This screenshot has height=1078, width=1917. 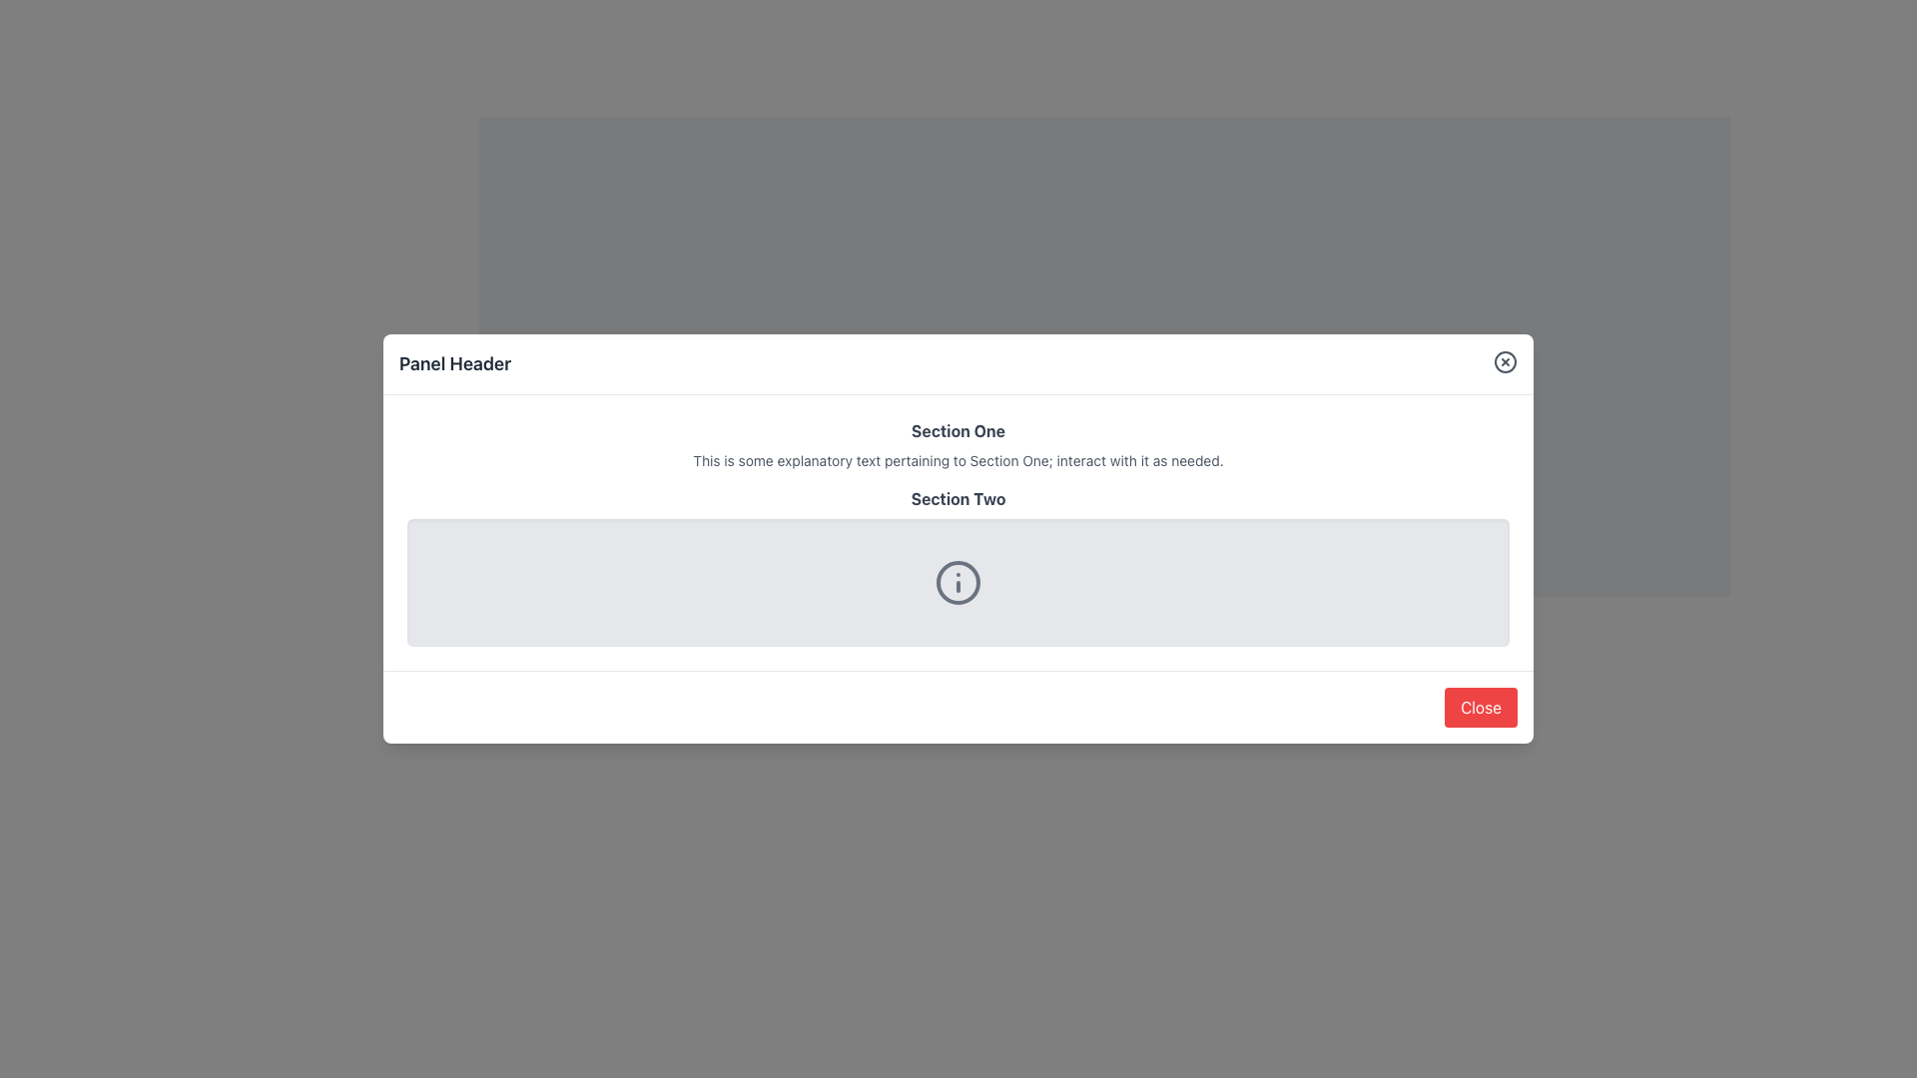 What do you see at coordinates (958, 582) in the screenshot?
I see `the Informational Icon located under the heading 'Section Two' in the center of the light gray content area` at bounding box center [958, 582].